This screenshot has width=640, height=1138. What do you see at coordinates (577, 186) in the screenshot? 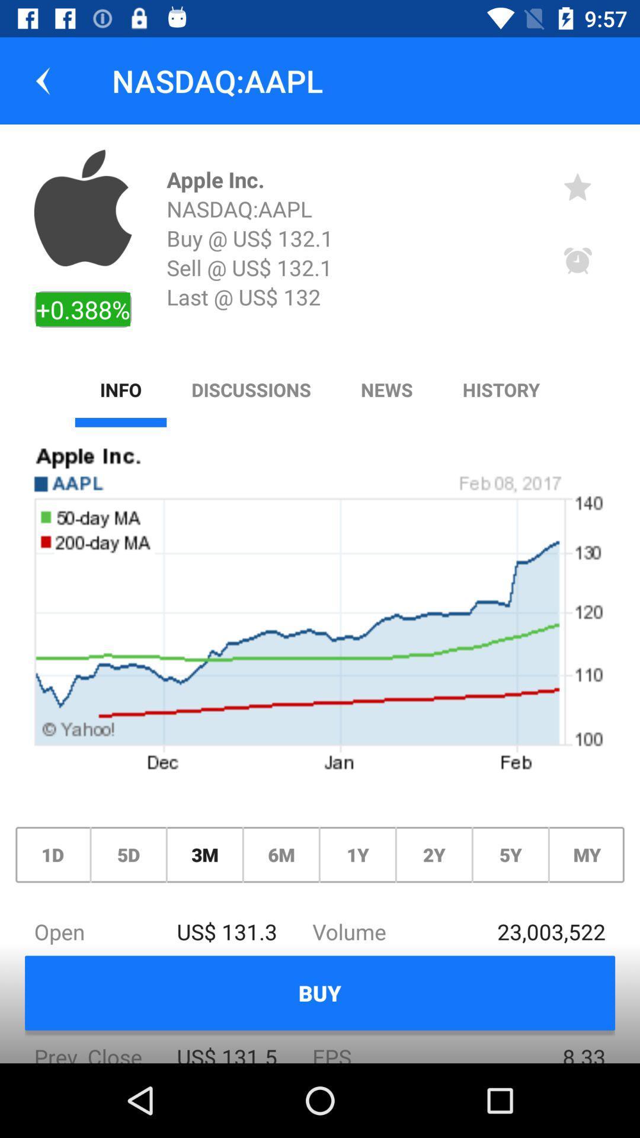
I see `the star icon` at bounding box center [577, 186].